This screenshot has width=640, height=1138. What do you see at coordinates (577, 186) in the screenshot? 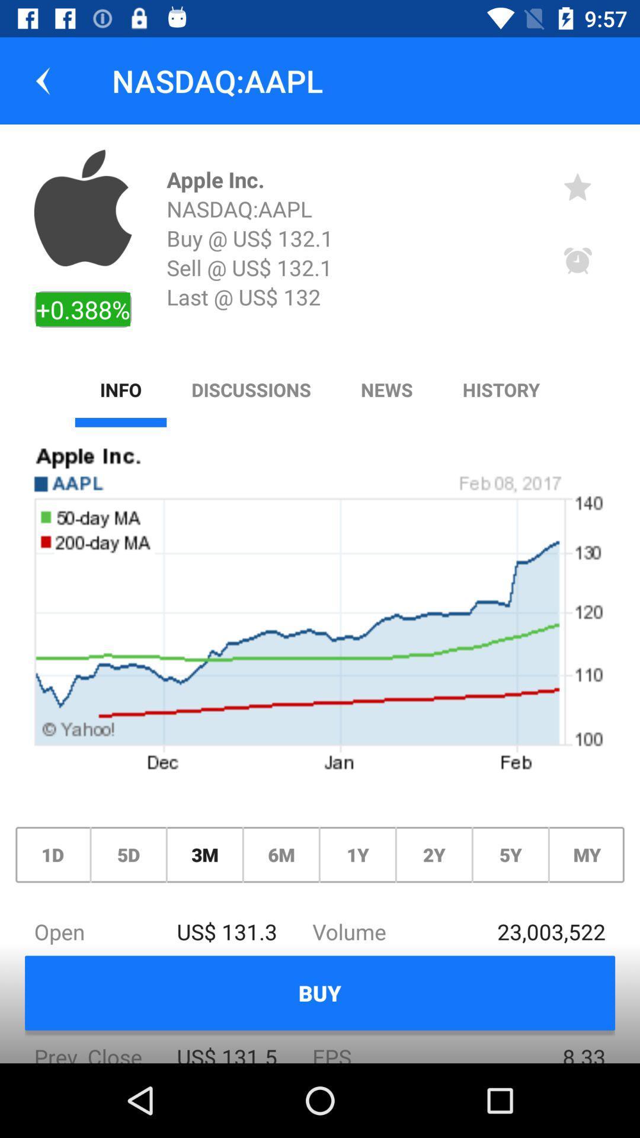
I see `the star icon` at bounding box center [577, 186].